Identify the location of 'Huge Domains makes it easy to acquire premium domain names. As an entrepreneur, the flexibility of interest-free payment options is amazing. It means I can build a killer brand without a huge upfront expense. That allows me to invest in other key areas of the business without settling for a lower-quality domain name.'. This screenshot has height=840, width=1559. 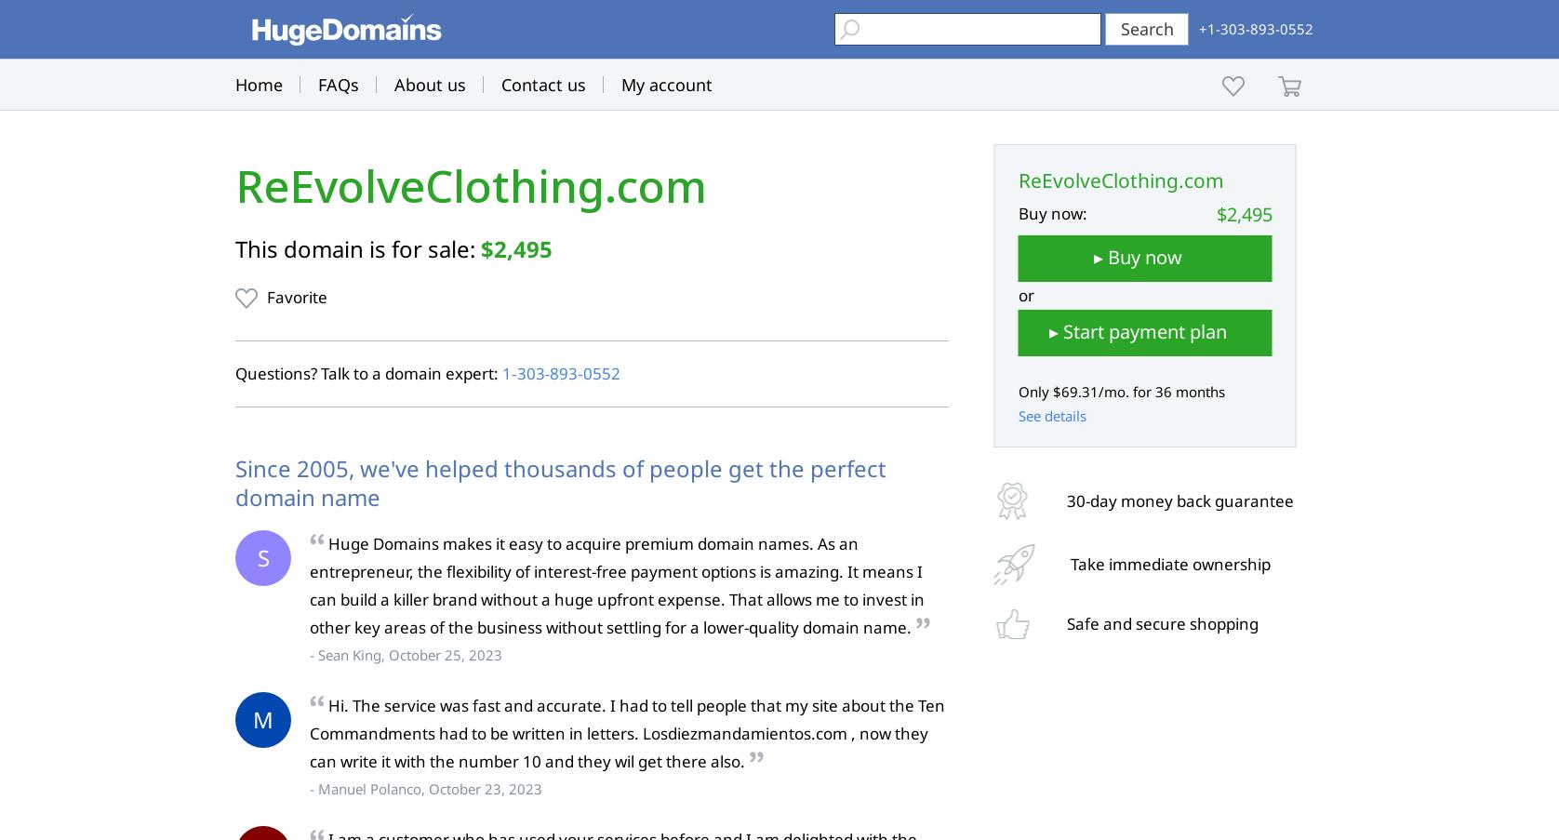
(616, 585).